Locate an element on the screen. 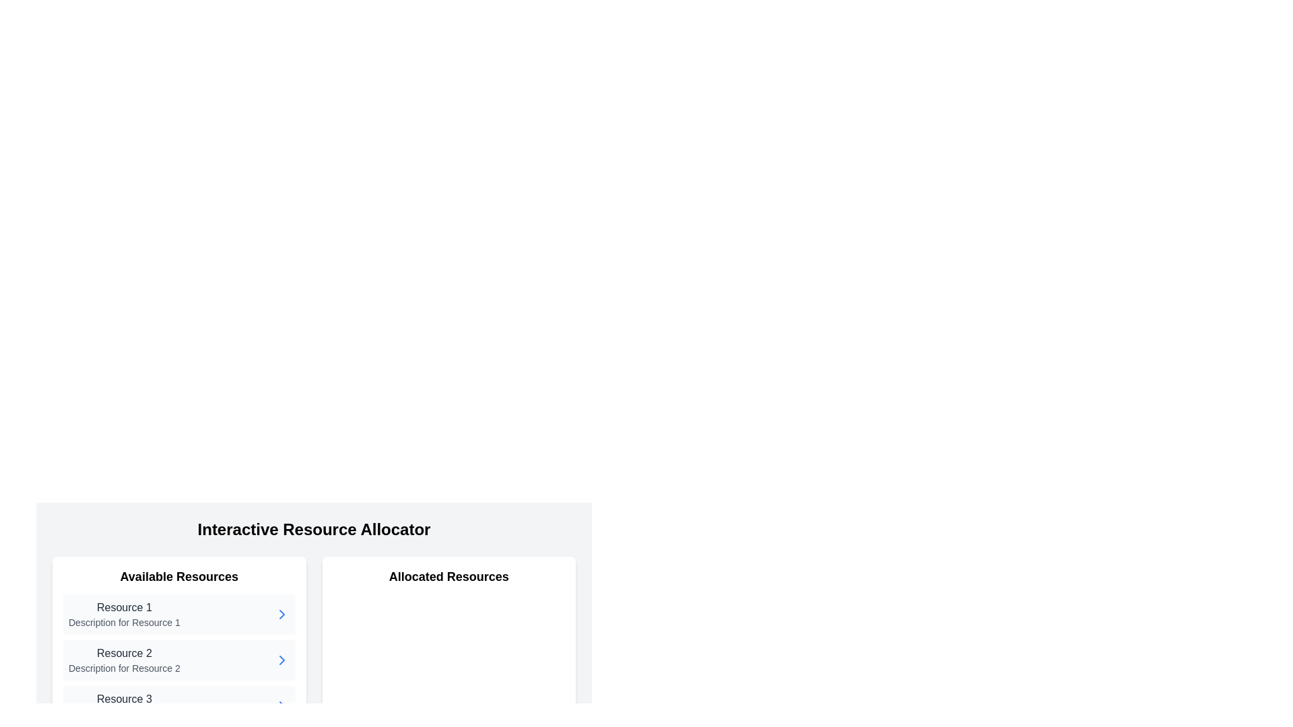 This screenshot has width=1293, height=727. the small blue chevron icon located to the right of the text 'Resource 1' in the 'Available Resources' column of the 'Interactive Resource Allocator' is located at coordinates (281, 615).